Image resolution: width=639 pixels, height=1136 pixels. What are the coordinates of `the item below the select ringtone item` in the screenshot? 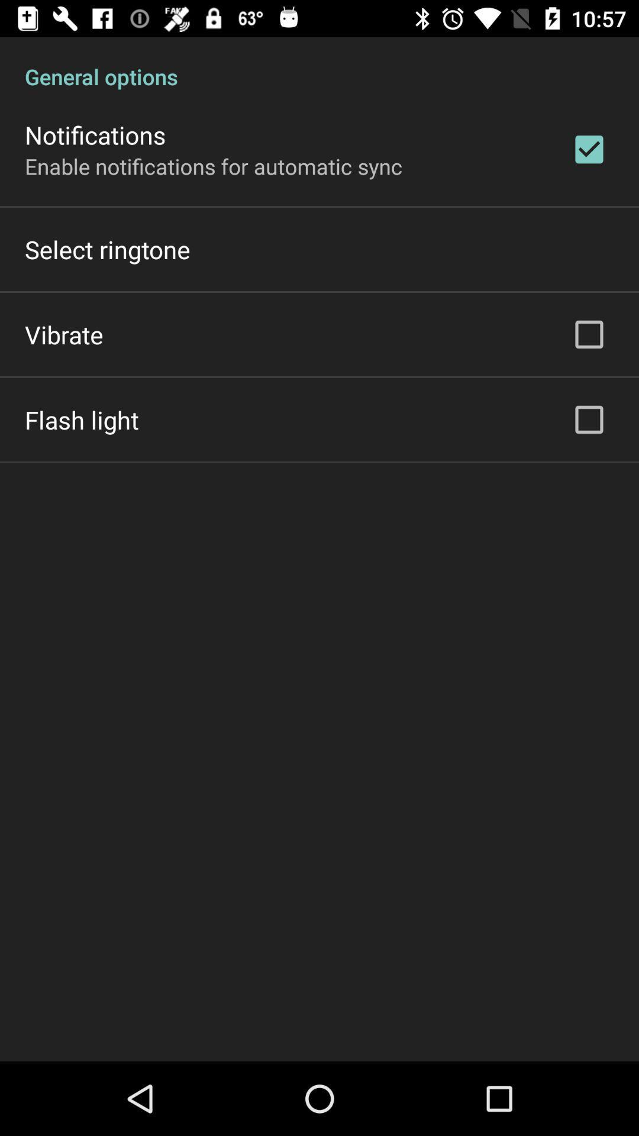 It's located at (64, 334).